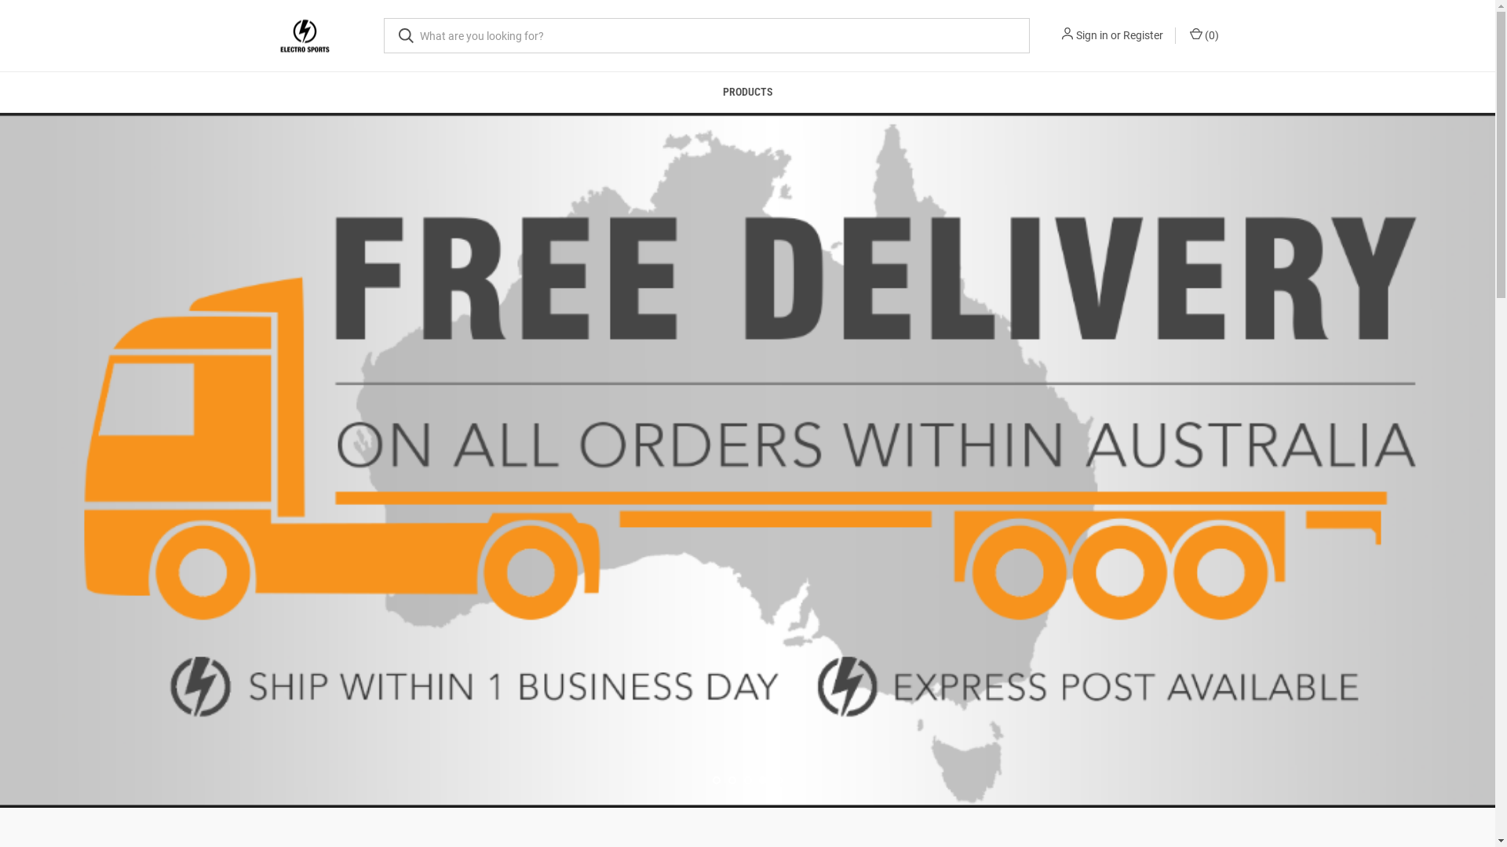  Describe the element at coordinates (1090, 35) in the screenshot. I see `'Sign in'` at that location.